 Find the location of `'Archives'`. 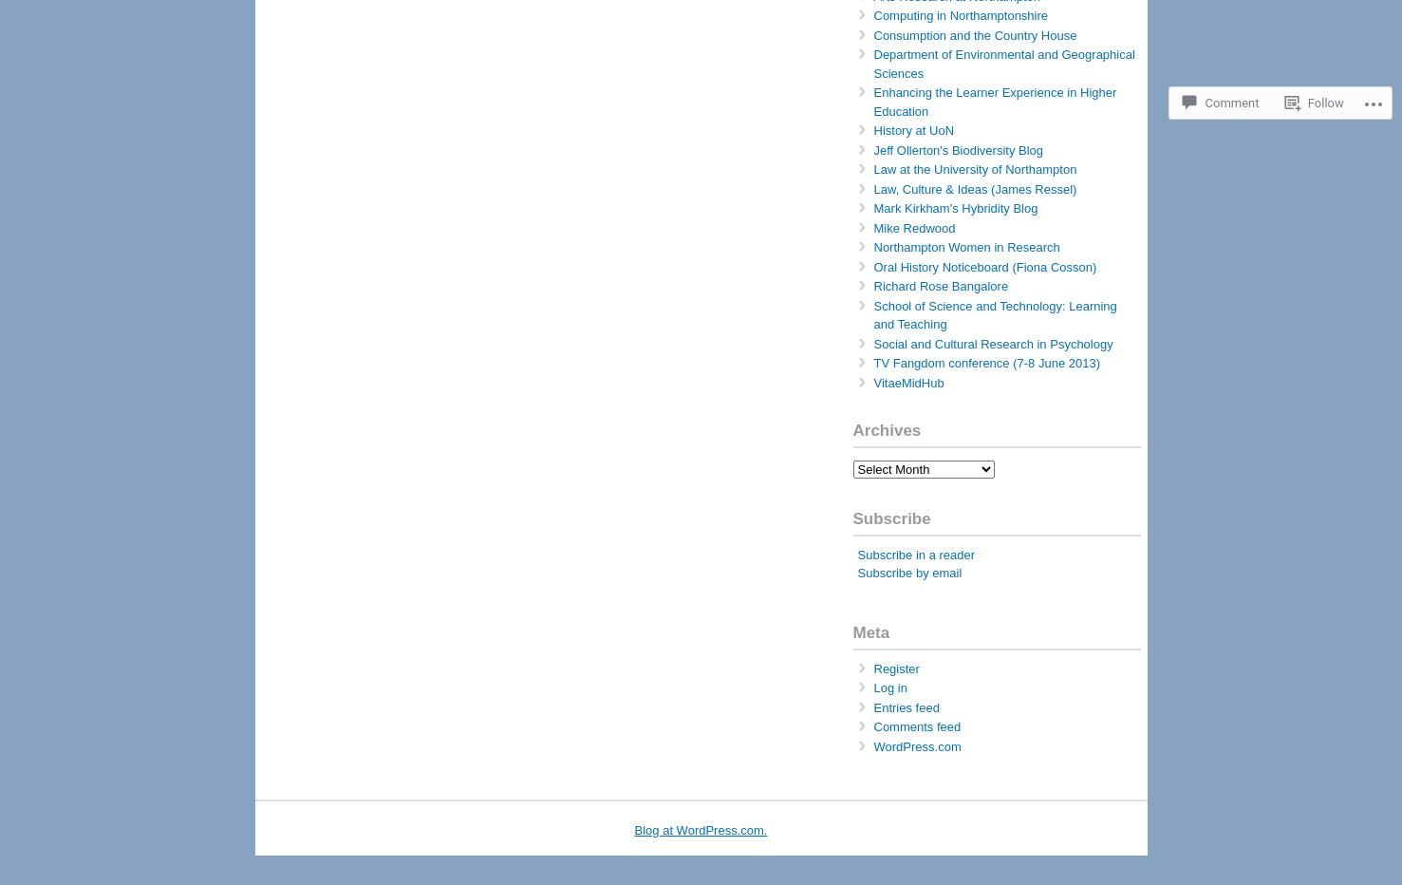

'Archives' is located at coordinates (887, 430).